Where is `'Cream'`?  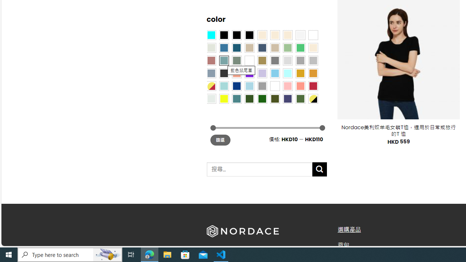 'Cream' is located at coordinates (287, 35).